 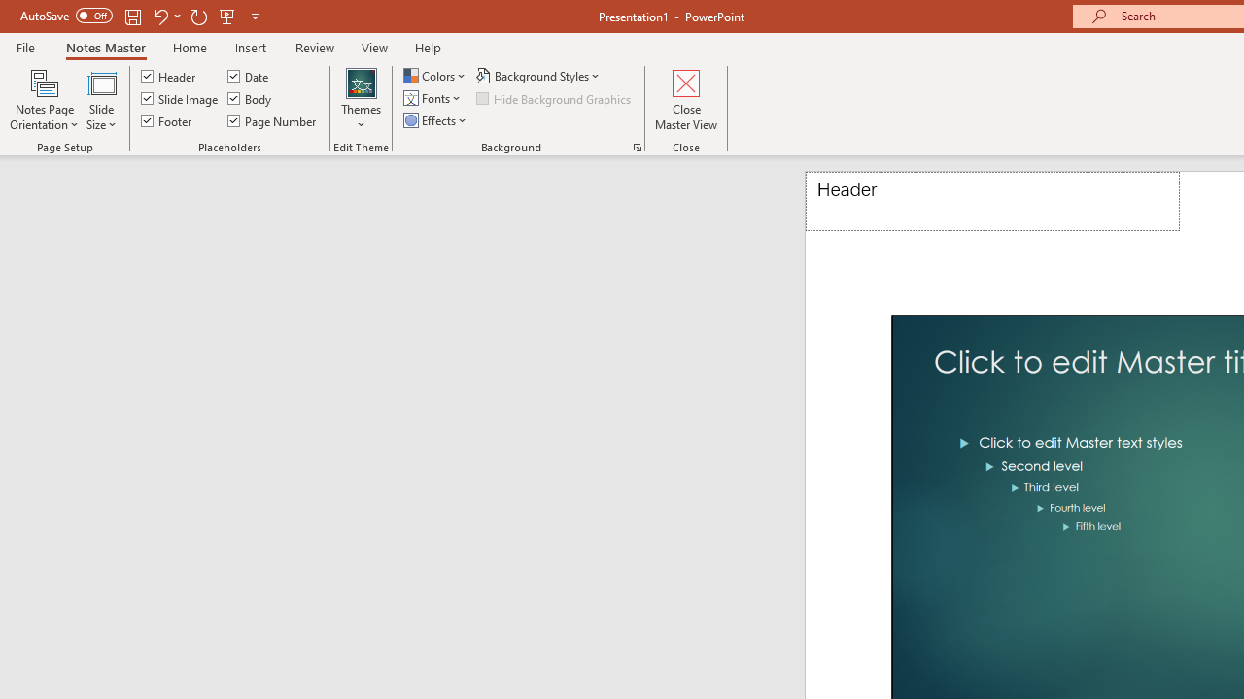 What do you see at coordinates (638, 146) in the screenshot?
I see `'Format Background...'` at bounding box center [638, 146].